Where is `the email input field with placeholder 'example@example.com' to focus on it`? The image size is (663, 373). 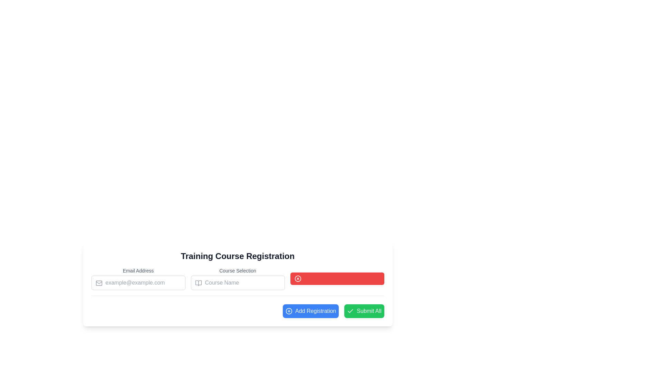
the email input field with placeholder 'example@example.com' to focus on it is located at coordinates (138, 283).